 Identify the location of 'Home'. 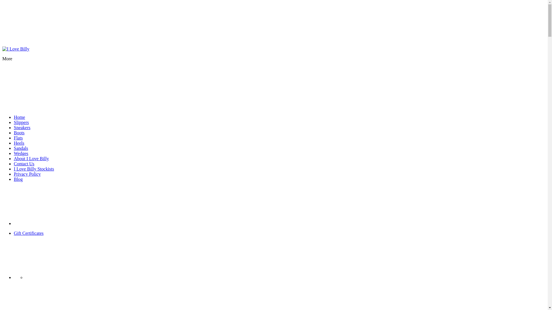
(19, 117).